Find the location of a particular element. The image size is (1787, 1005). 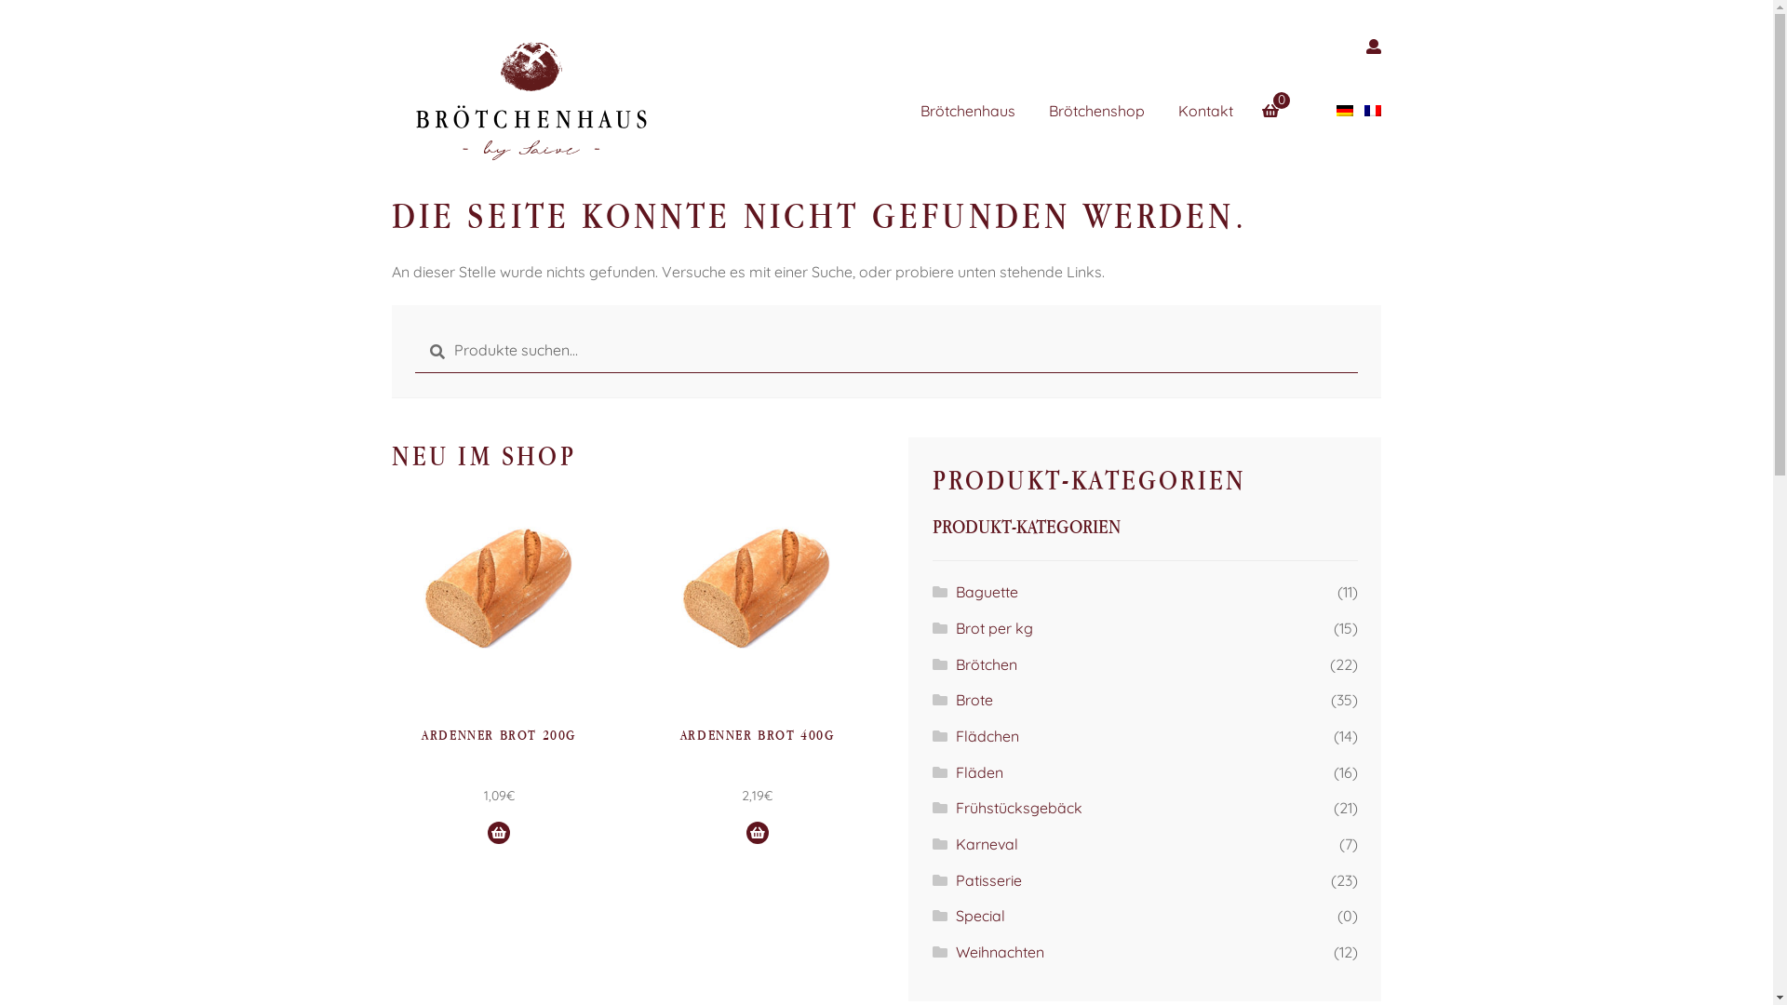

'Karneval' is located at coordinates (956, 843).